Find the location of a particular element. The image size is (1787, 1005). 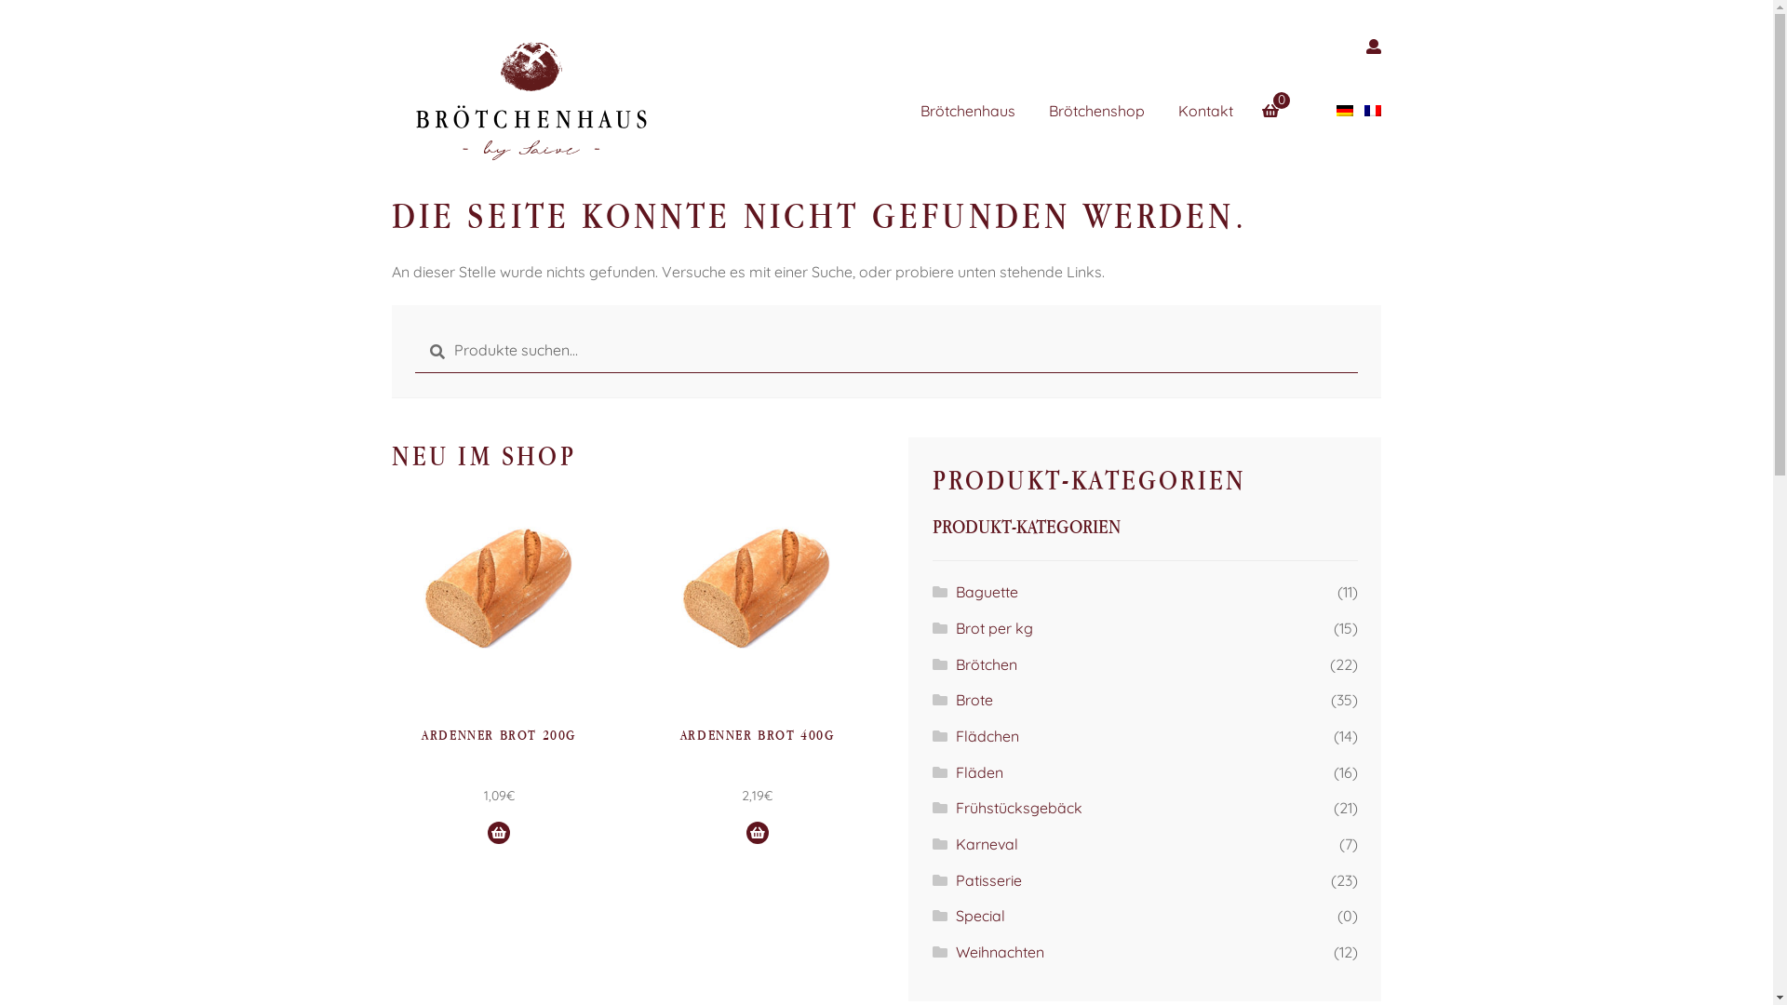

'Karneval' is located at coordinates (956, 843).